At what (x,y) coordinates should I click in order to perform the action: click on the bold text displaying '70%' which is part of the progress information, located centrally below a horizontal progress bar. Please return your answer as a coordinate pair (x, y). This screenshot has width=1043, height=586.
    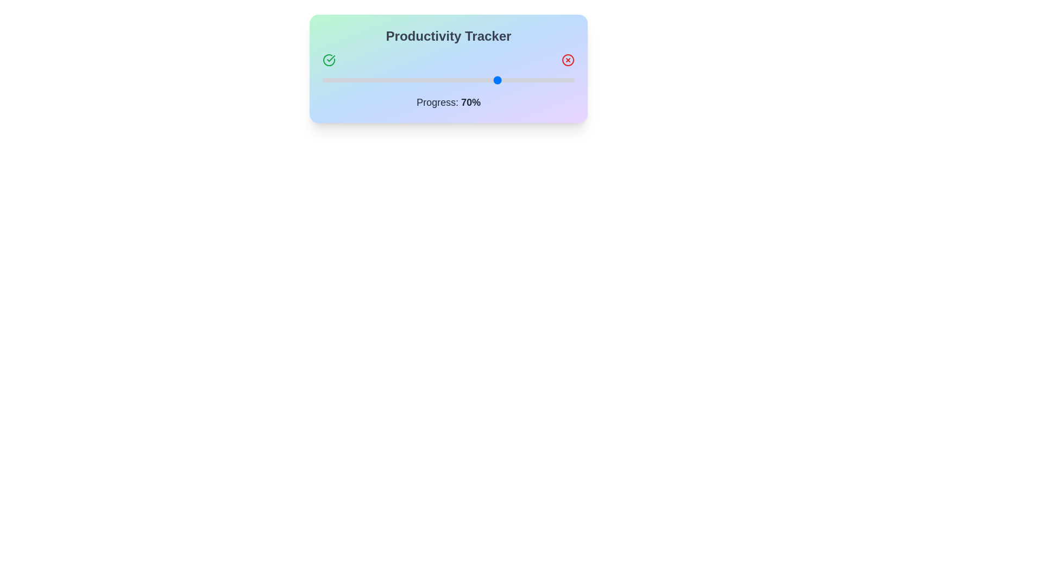
    Looking at the image, I should click on (471, 103).